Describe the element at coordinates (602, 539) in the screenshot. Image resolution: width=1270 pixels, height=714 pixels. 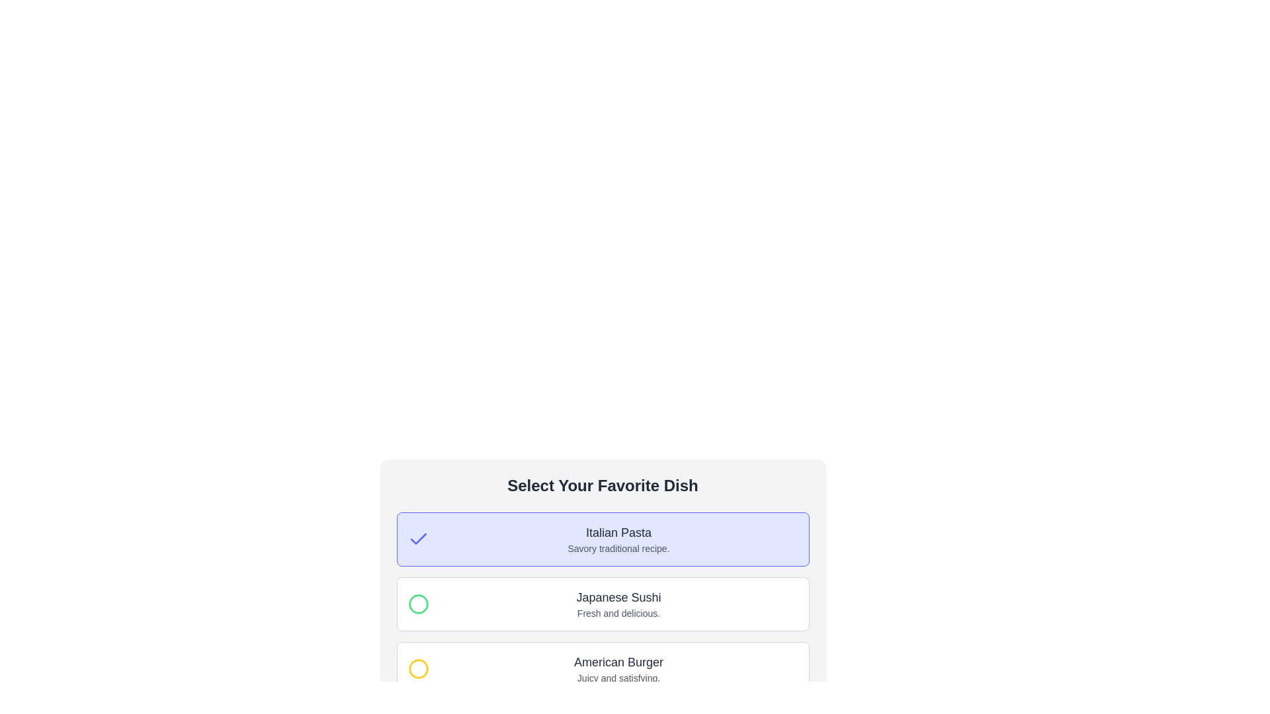
I see `the first selectable card in a vertical list` at that location.